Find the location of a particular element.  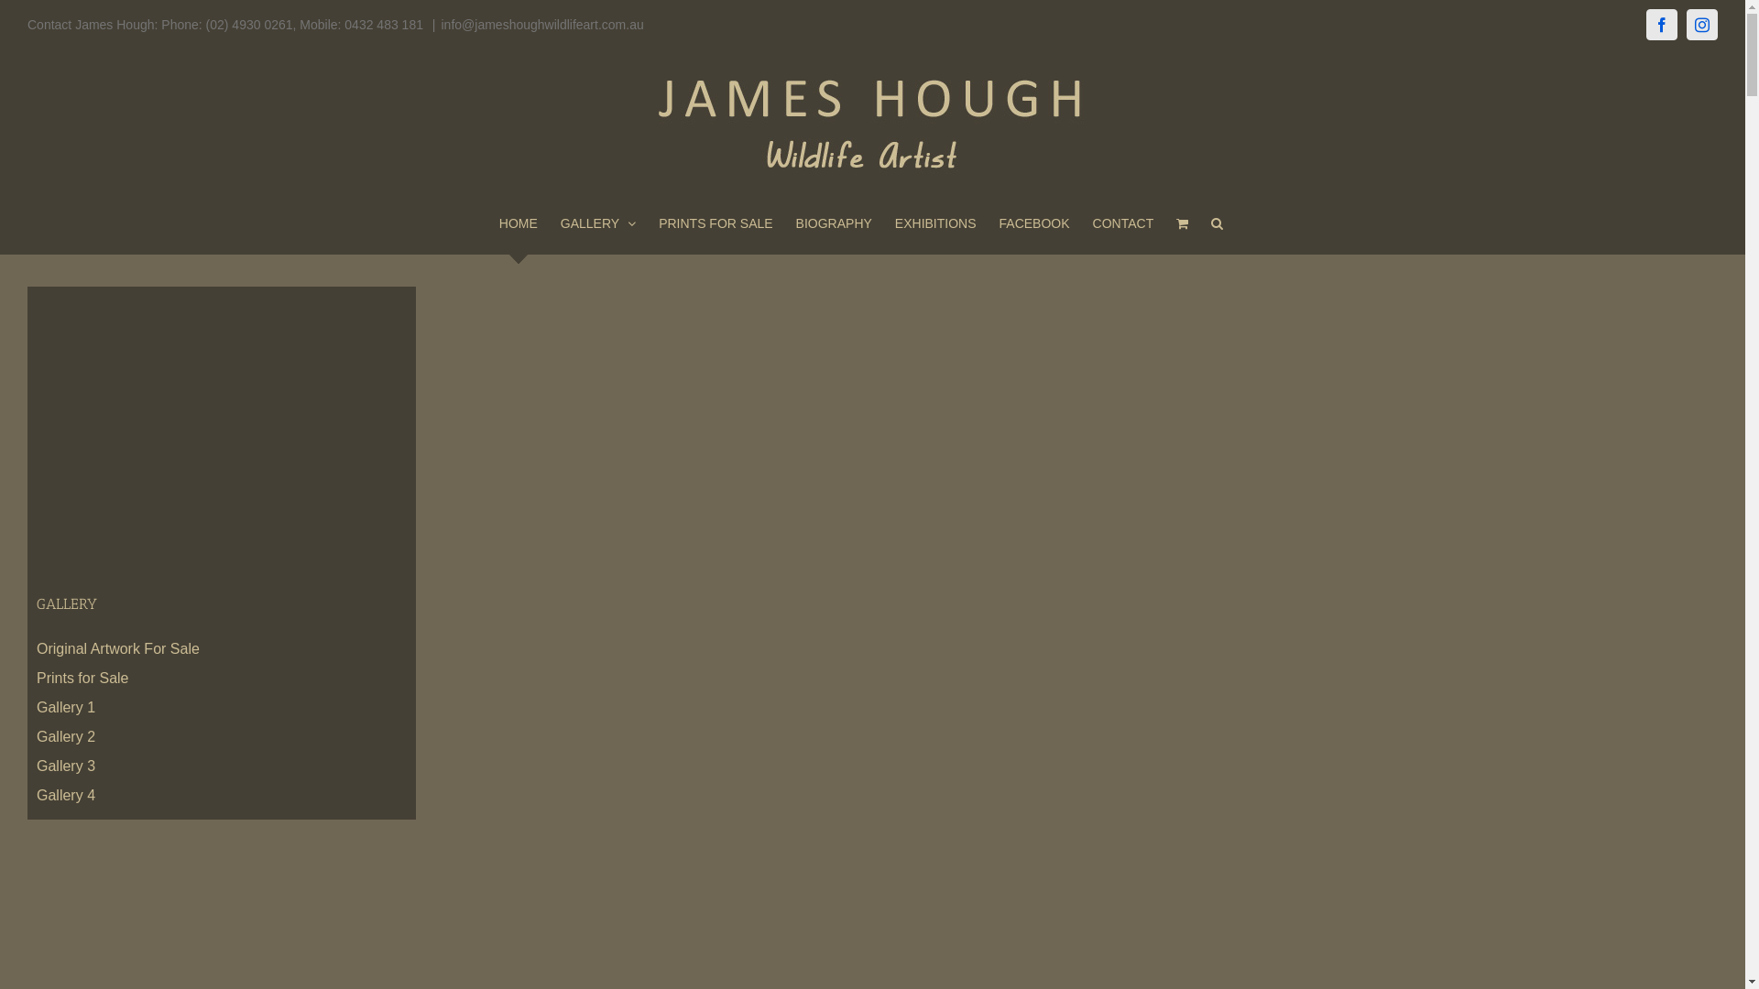

'Gallery 4' is located at coordinates (66, 794).